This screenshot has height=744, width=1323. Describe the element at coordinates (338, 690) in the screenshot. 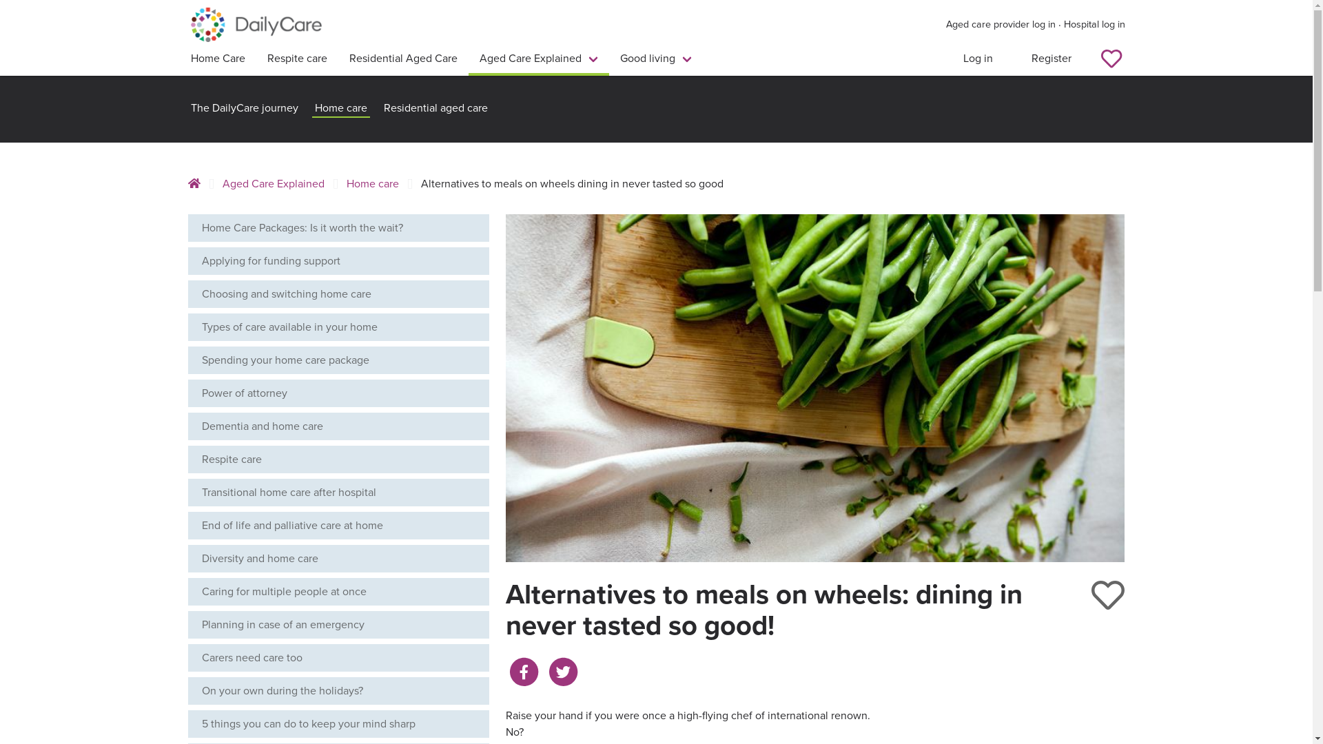

I see `'On your own during the holidays?'` at that location.